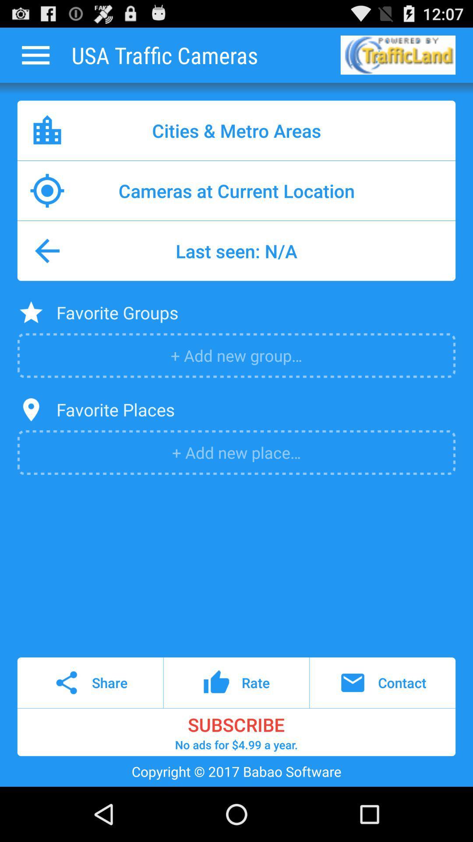  Describe the element at coordinates (35, 54) in the screenshot. I see `open options` at that location.